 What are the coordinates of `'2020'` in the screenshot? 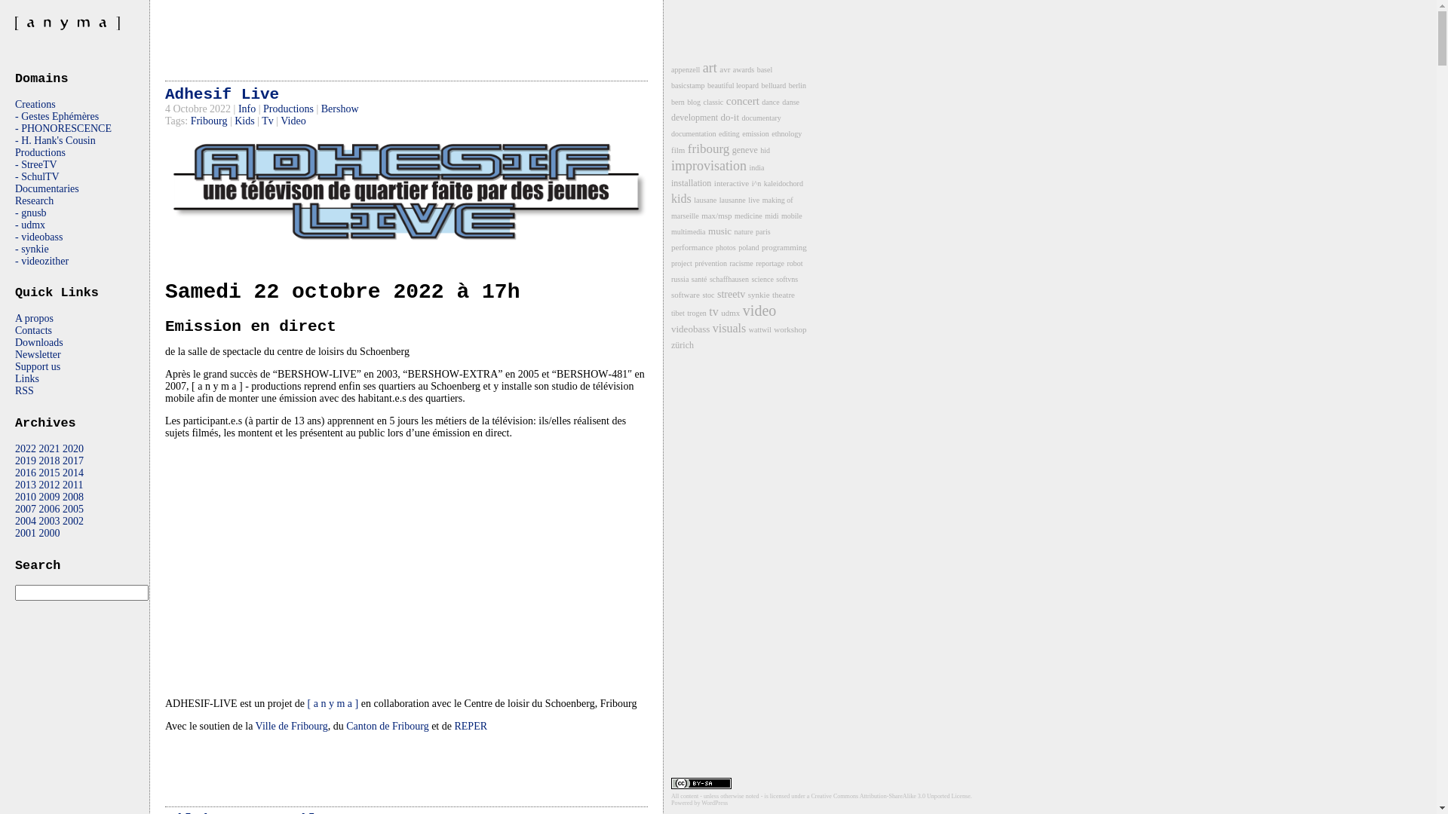 It's located at (72, 448).